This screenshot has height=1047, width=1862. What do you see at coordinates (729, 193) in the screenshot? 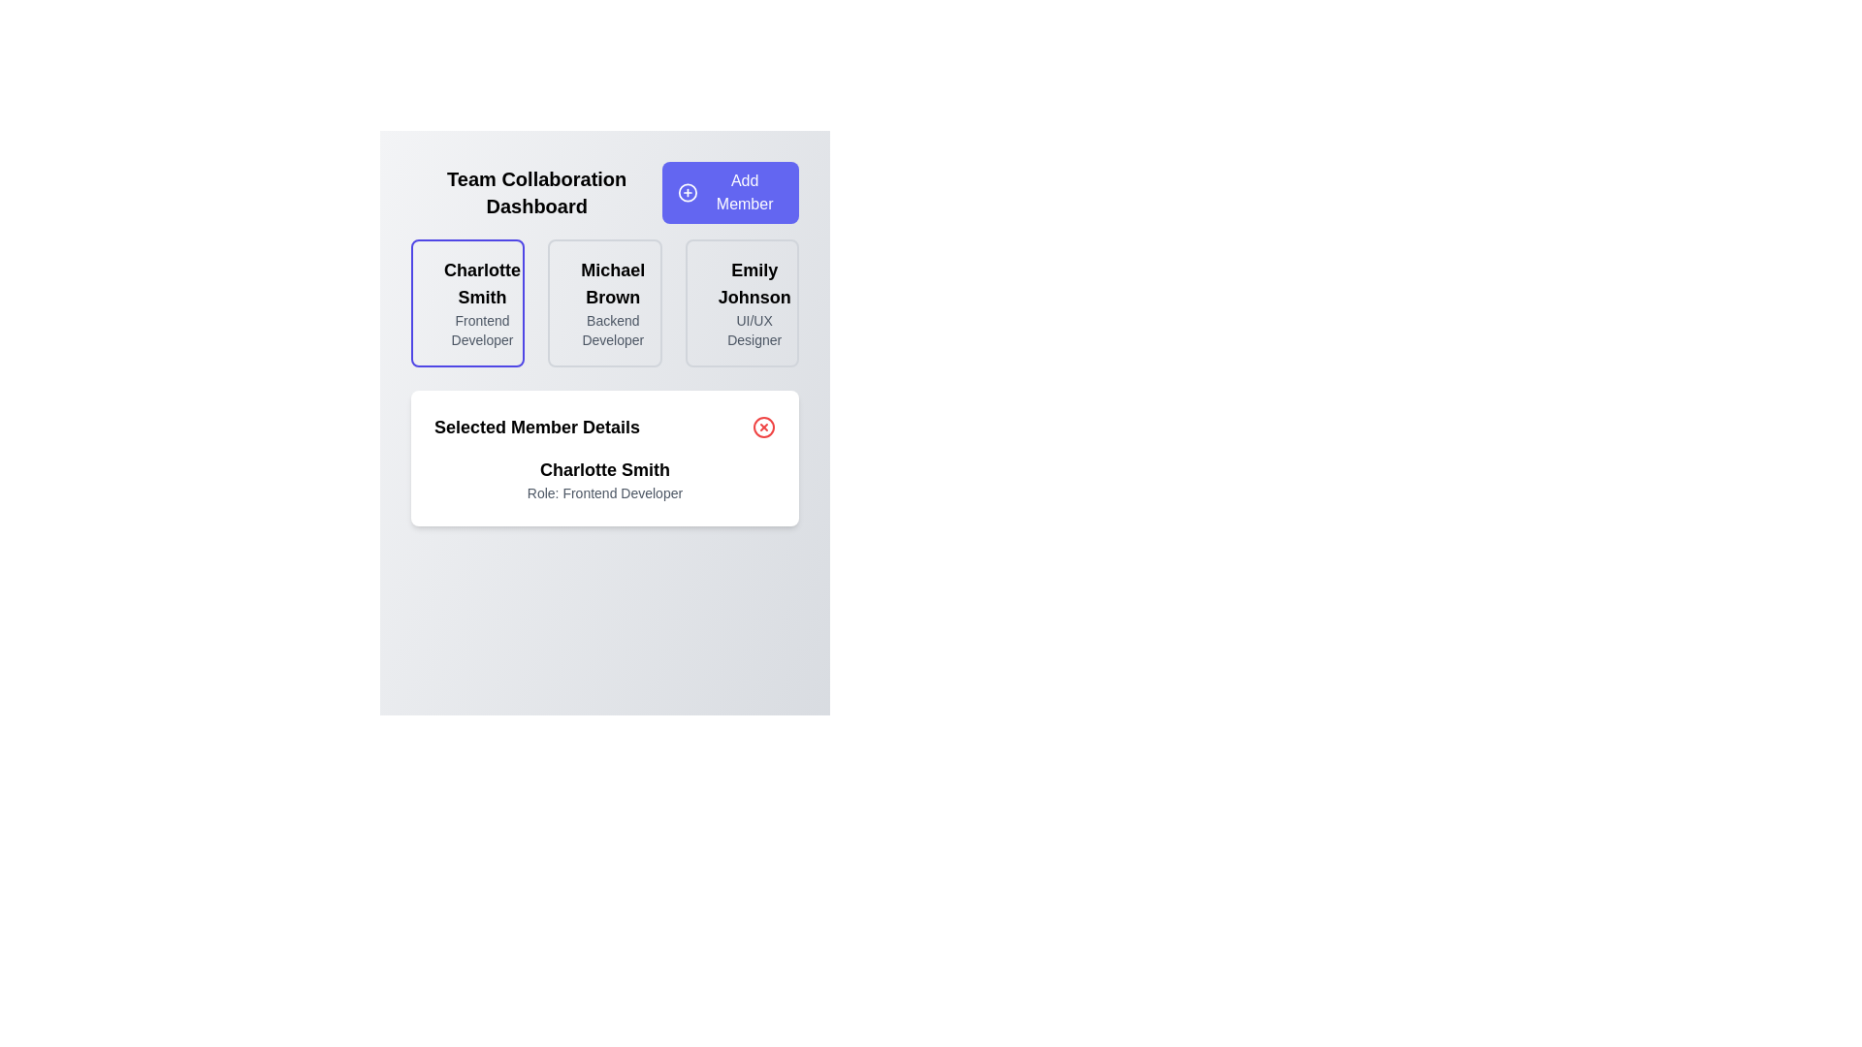
I see `the 'Add New Member' button located in the upper-right section of the interface, adjacent to the 'Team Collaboration Dashboard' text` at bounding box center [729, 193].